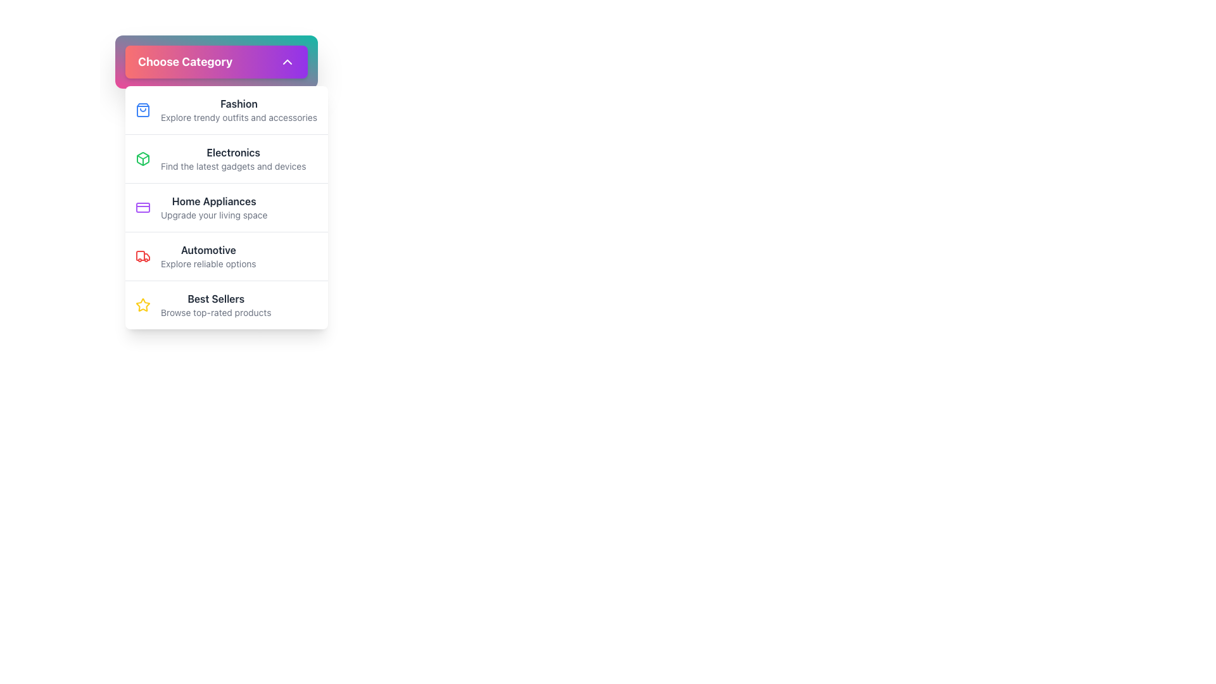 This screenshot has width=1216, height=684. Describe the element at coordinates (208, 256) in the screenshot. I see `the 'Automotive' text component within the dropdown menu` at that location.